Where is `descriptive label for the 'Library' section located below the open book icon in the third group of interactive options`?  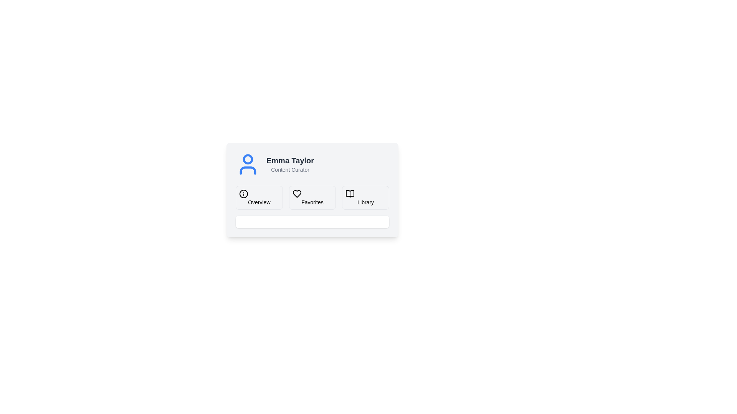 descriptive label for the 'Library' section located below the open book icon in the third group of interactive options is located at coordinates (365, 202).